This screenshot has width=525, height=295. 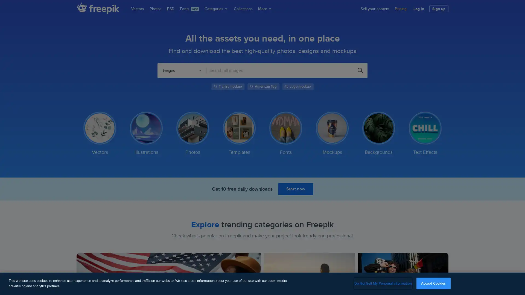 I want to click on Accept Cookies, so click(x=433, y=283).